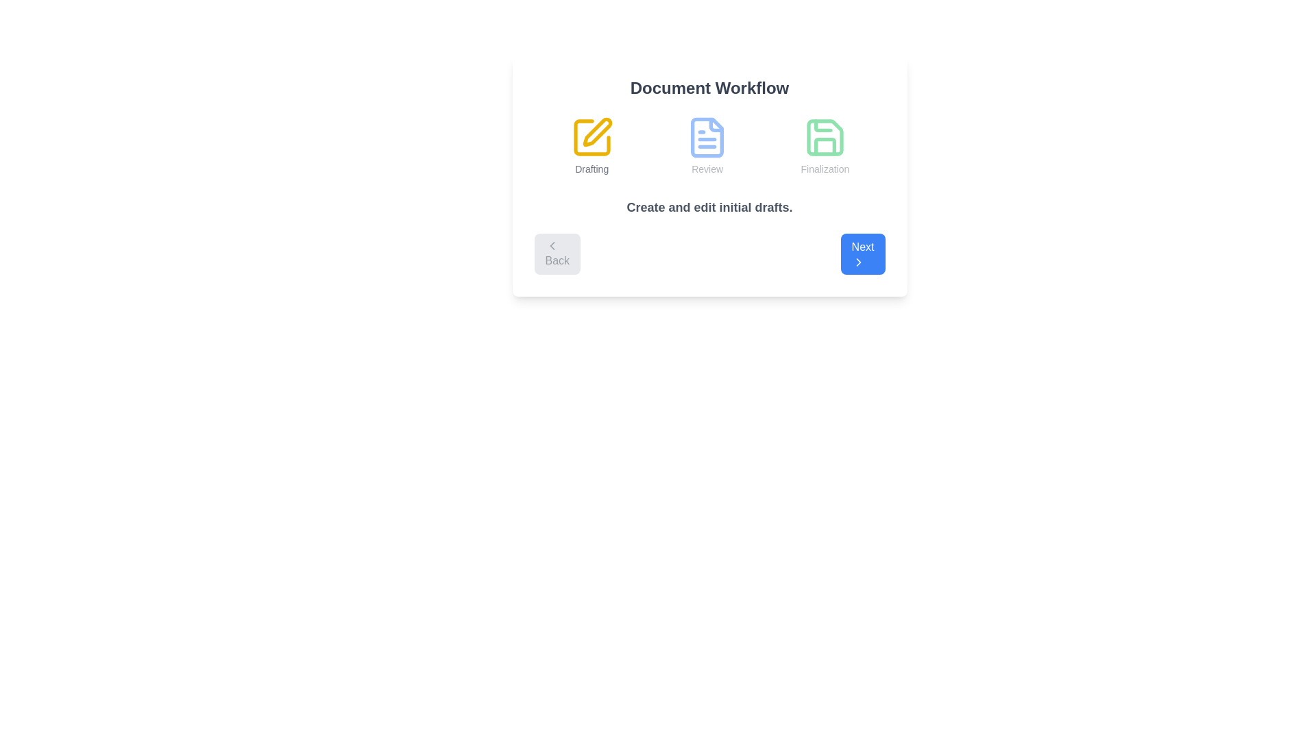 The image size is (1316, 740). Describe the element at coordinates (557, 254) in the screenshot. I see `the 'Back' button located at the bottom-left of the card` at that location.